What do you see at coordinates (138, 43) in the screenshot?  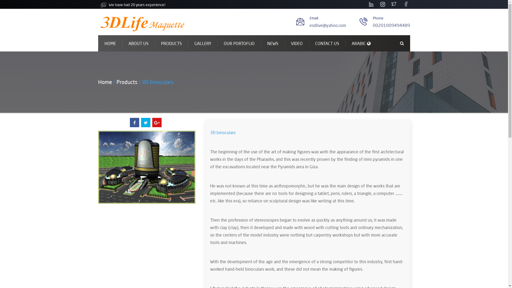 I see `'ABOUT US'` at bounding box center [138, 43].